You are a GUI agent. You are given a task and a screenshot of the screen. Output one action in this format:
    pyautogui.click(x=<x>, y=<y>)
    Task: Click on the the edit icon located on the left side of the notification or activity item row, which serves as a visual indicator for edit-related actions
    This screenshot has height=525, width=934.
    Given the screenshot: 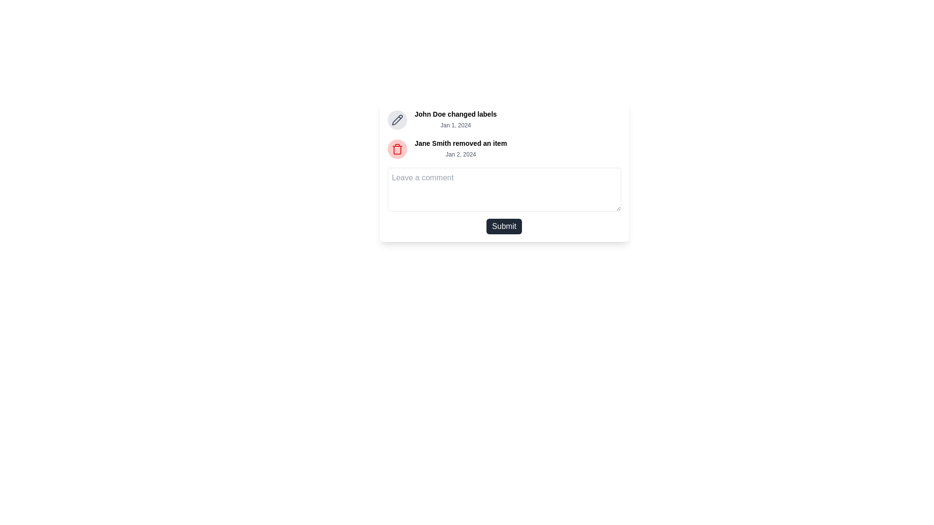 What is the action you would take?
    pyautogui.click(x=397, y=119)
    